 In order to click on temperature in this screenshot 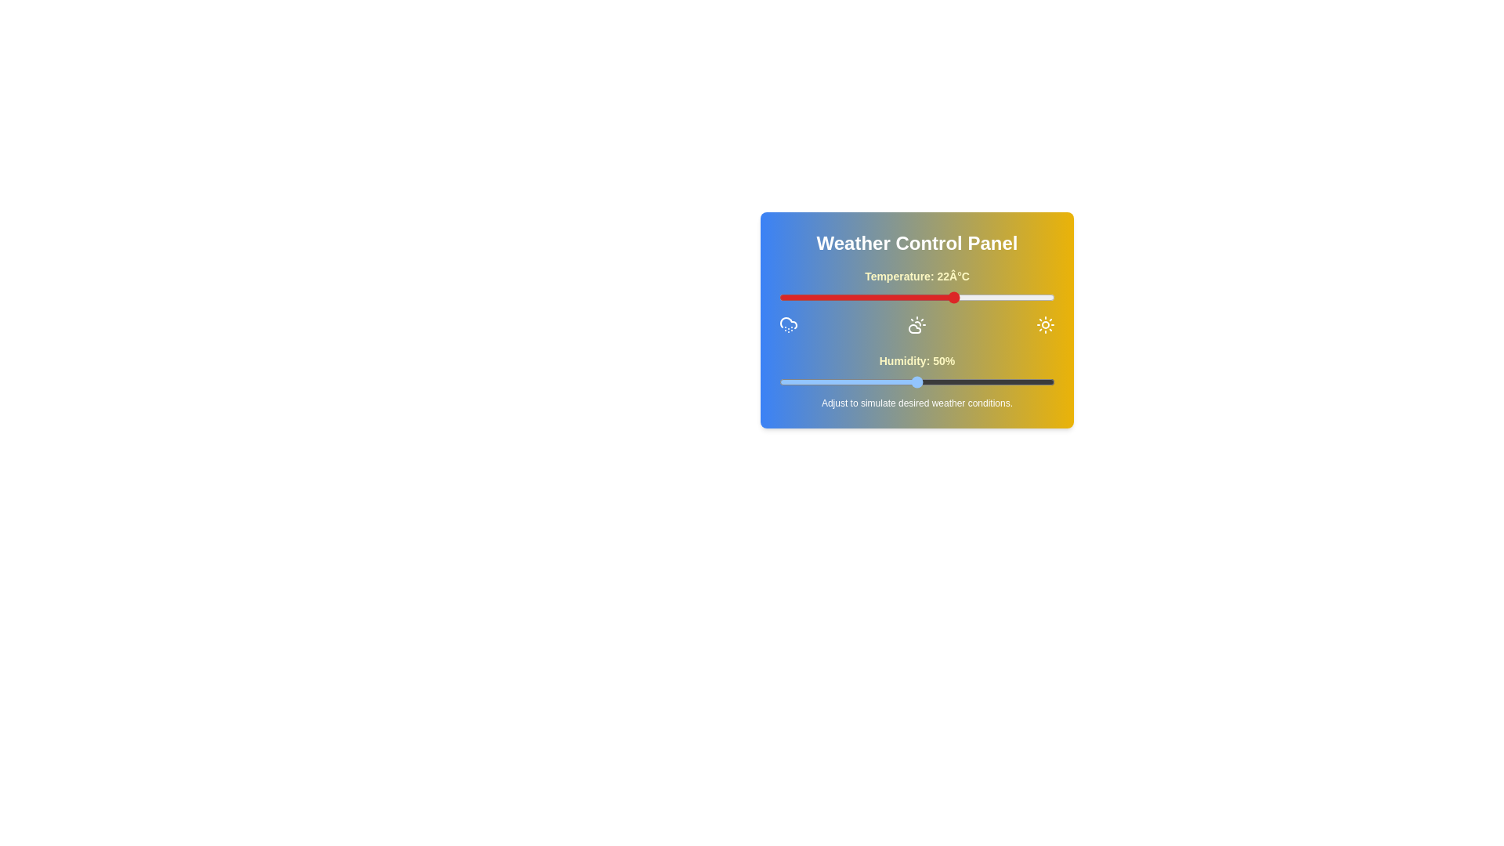, I will do `click(866, 298)`.